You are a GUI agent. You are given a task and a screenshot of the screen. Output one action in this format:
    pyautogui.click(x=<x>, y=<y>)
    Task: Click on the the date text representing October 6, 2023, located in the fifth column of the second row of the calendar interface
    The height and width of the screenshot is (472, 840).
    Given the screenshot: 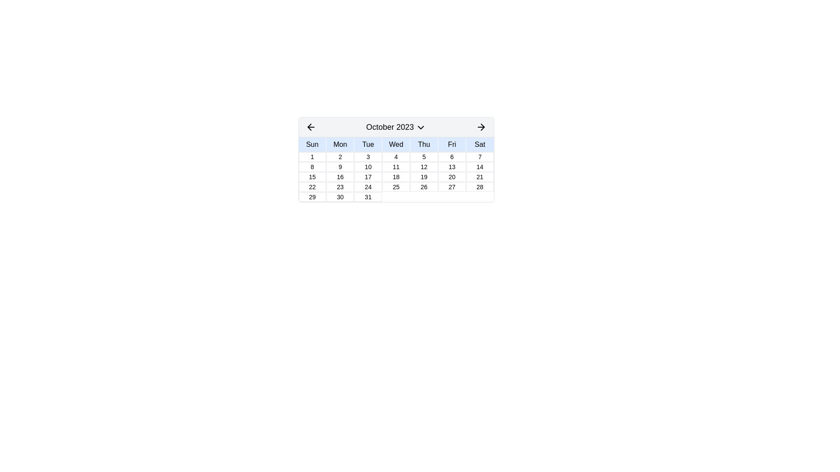 What is the action you would take?
    pyautogui.click(x=452, y=156)
    